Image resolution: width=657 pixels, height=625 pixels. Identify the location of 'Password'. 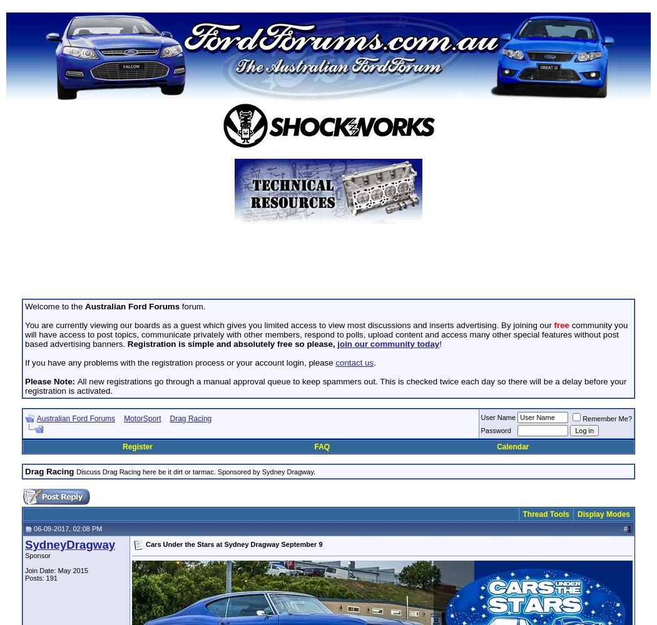
(480, 430).